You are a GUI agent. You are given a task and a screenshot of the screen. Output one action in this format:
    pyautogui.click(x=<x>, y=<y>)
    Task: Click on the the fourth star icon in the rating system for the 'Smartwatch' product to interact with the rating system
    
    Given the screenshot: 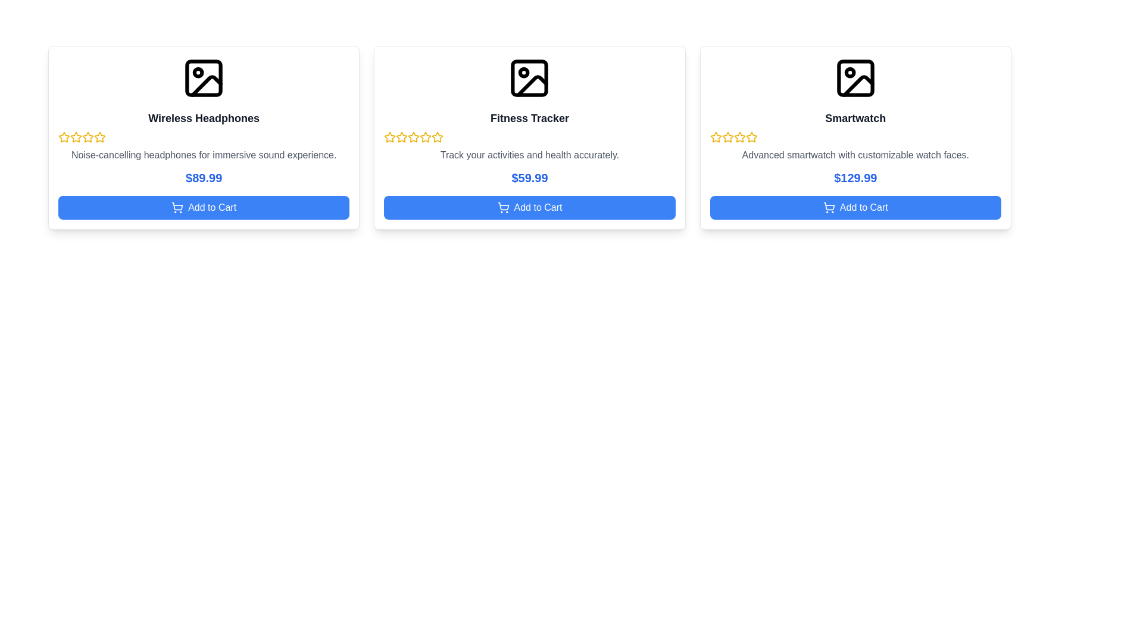 What is the action you would take?
    pyautogui.click(x=739, y=137)
    